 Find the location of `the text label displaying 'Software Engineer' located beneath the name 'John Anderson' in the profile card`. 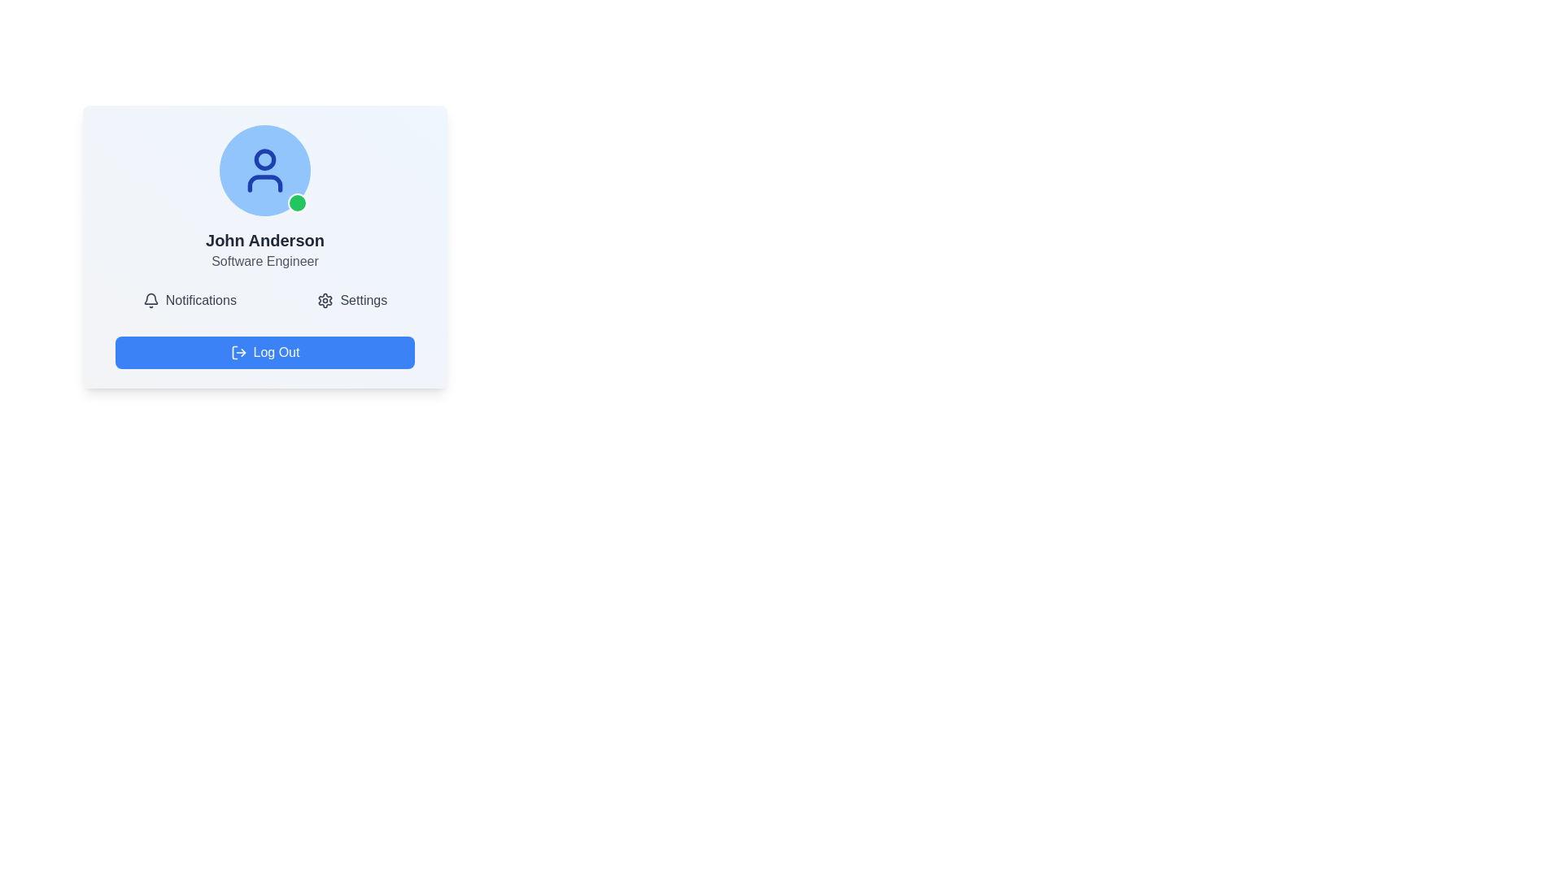

the text label displaying 'Software Engineer' located beneath the name 'John Anderson' in the profile card is located at coordinates (265, 260).